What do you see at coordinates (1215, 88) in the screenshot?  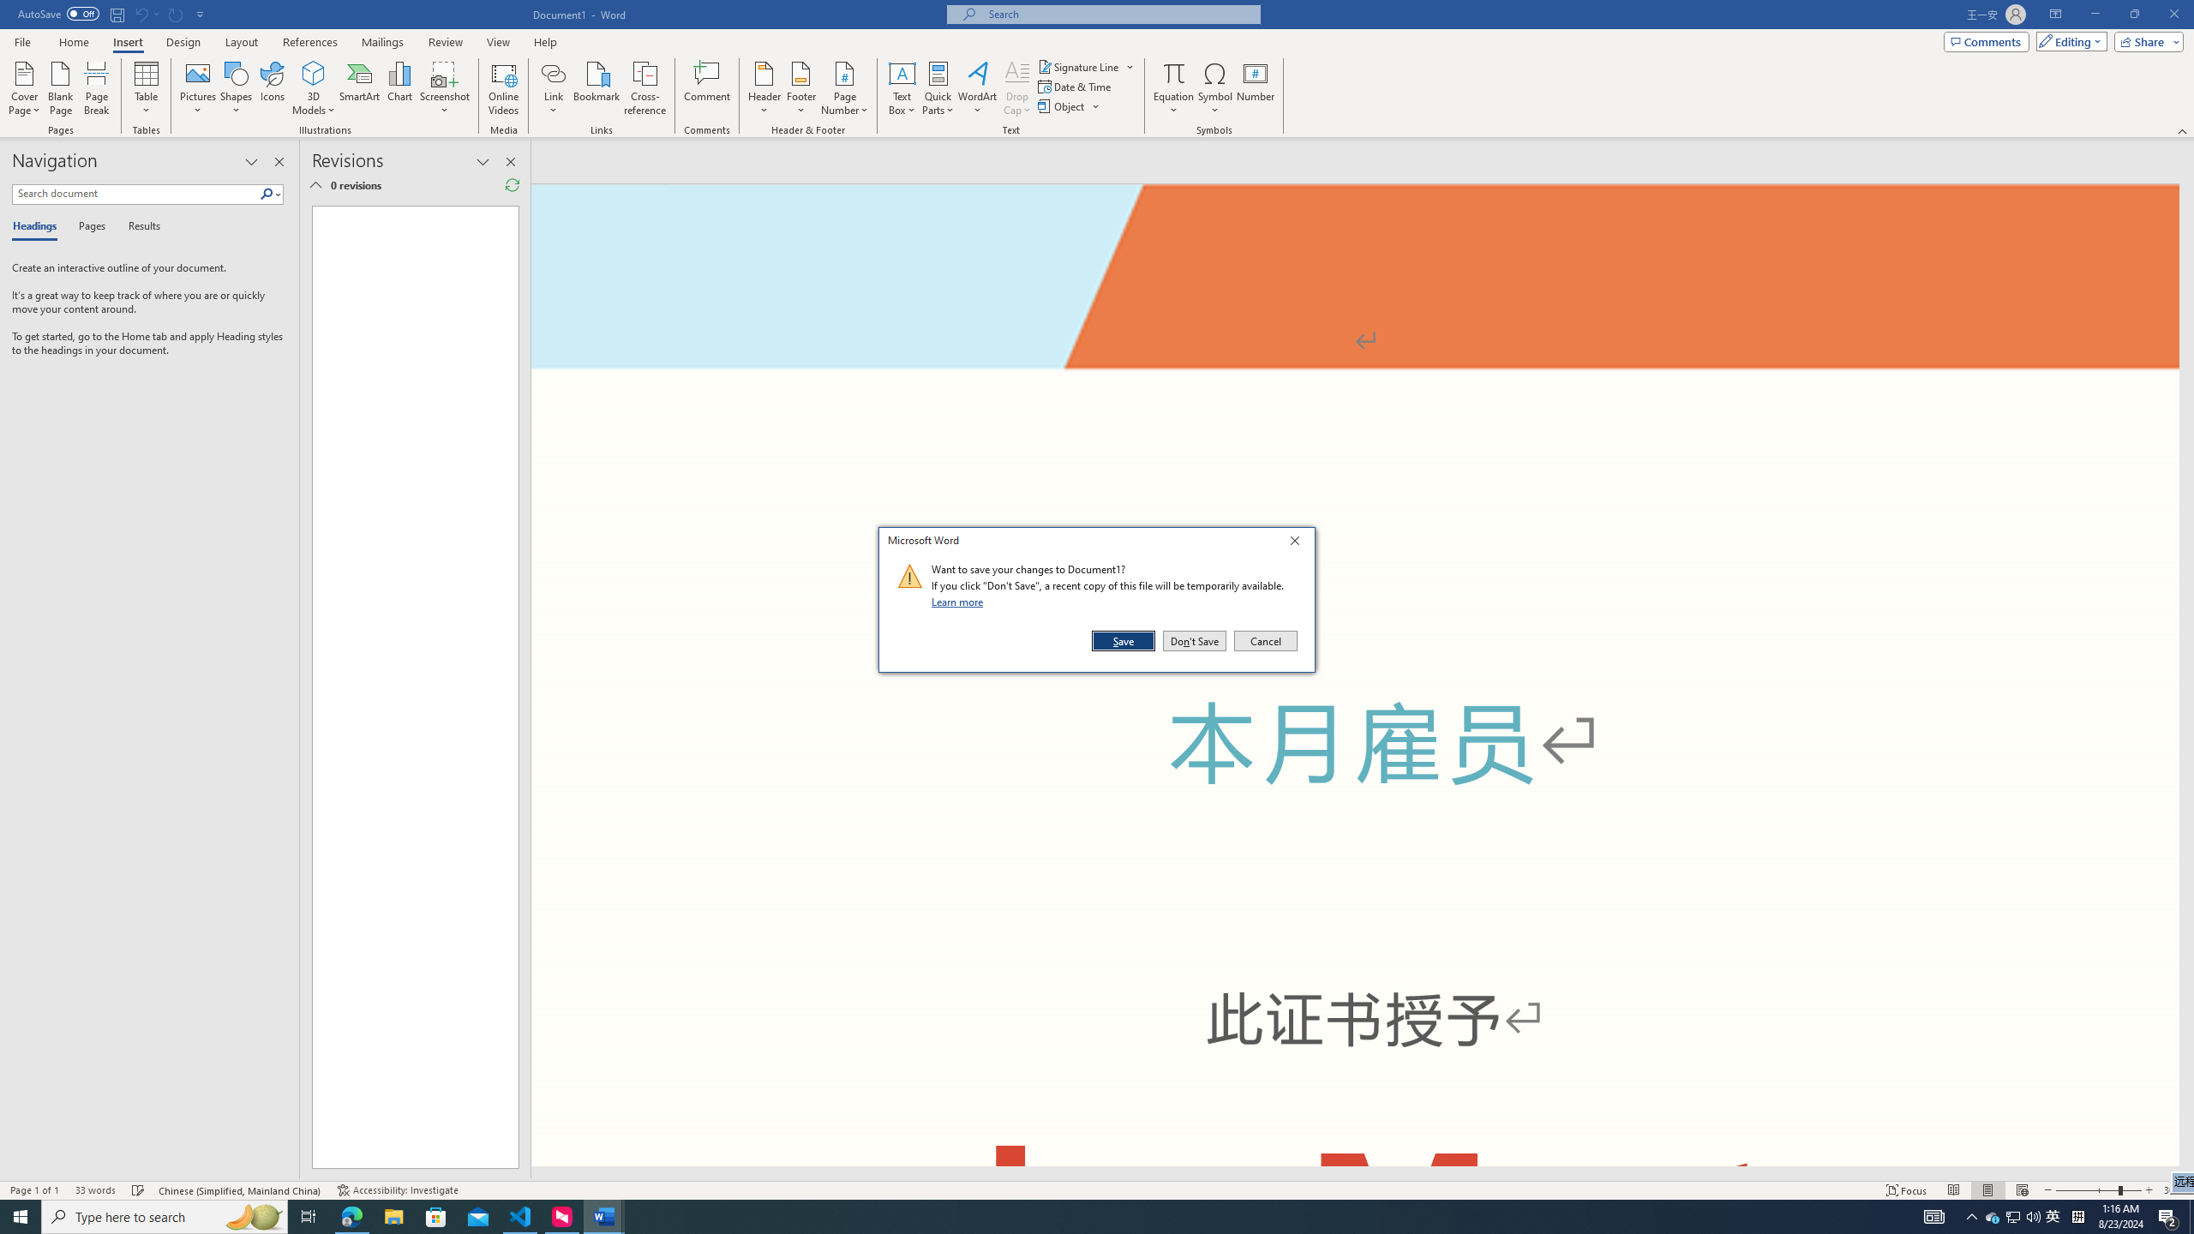 I see `'Symbol'` at bounding box center [1215, 88].